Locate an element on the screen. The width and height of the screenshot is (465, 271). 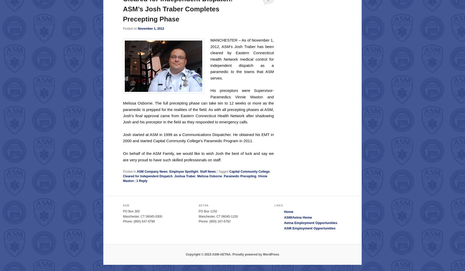
'1' is located at coordinates (137, 181).